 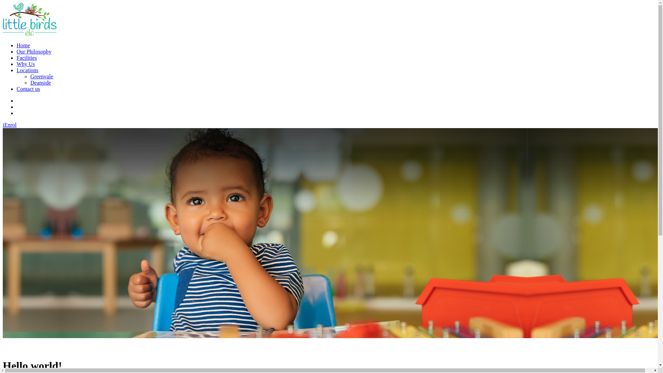 I want to click on 'Home', so click(x=23, y=45).